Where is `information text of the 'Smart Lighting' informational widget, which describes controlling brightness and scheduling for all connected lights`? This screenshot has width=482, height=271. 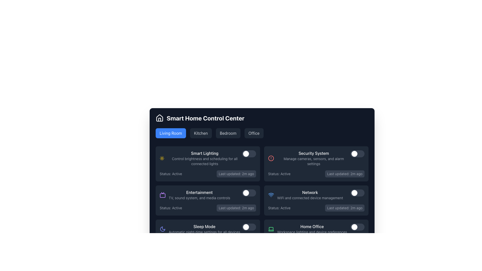
information text of the 'Smart Lighting' informational widget, which describes controlling brightness and scheduling for all connected lights is located at coordinates (208, 158).